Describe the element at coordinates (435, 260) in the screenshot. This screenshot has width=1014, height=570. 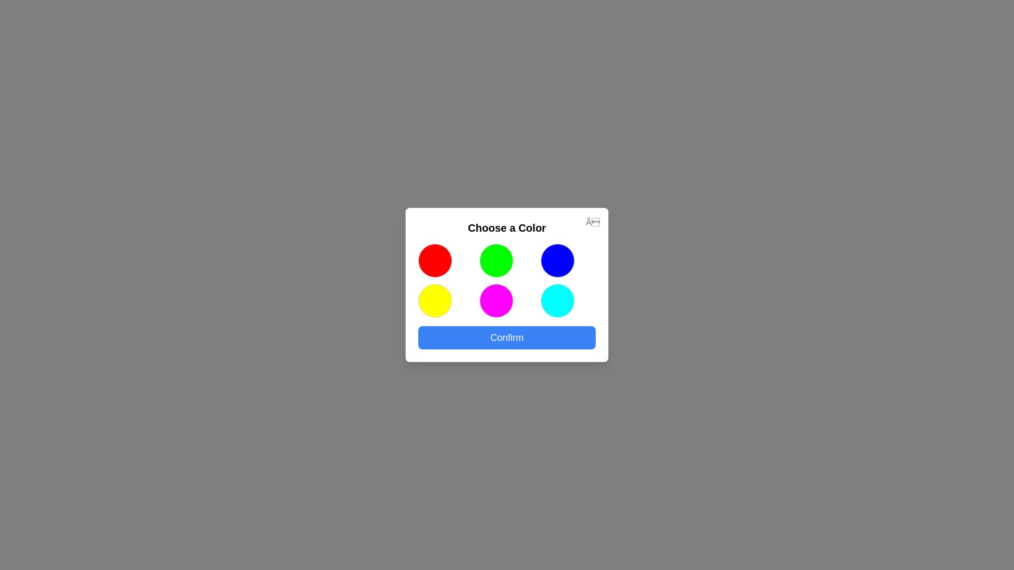
I see `the colored circle corresponding to red` at that location.